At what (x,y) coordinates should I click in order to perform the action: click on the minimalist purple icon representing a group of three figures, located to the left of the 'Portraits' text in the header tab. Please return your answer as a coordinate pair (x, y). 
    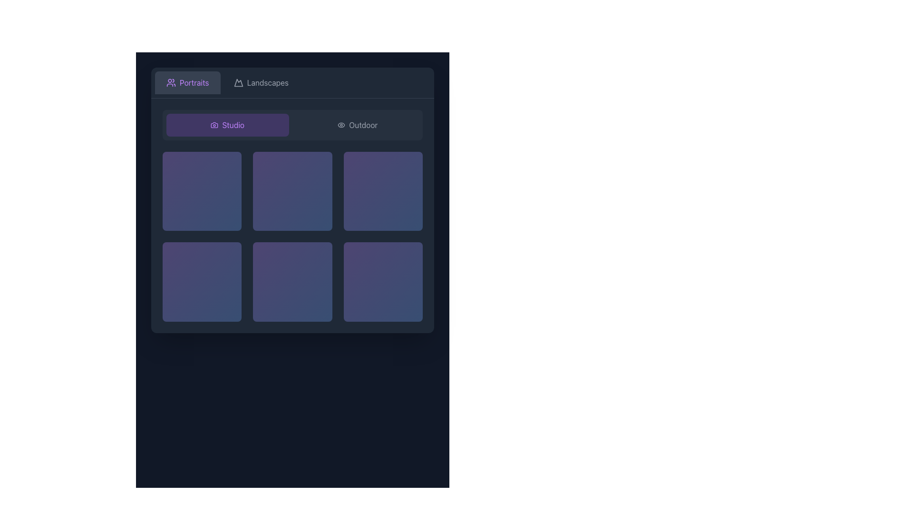
    Looking at the image, I should click on (171, 82).